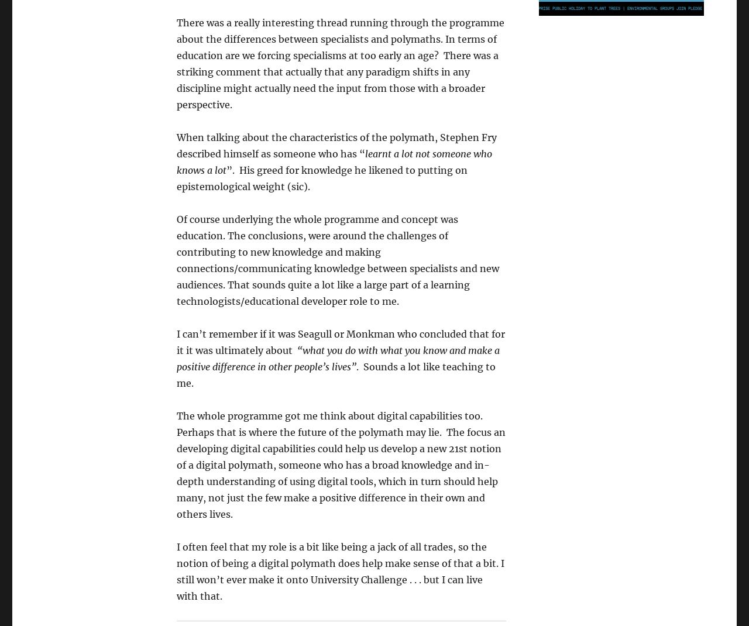 This screenshot has height=626, width=749. What do you see at coordinates (340, 341) in the screenshot?
I see `'I can’t remember if it was Seagull or Monkman who concluded that for it it was ultimately about'` at bounding box center [340, 341].